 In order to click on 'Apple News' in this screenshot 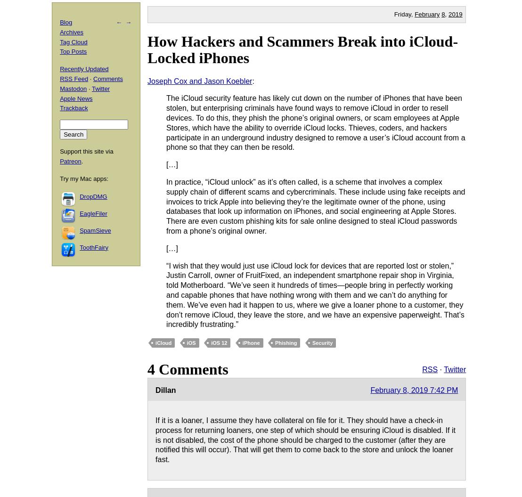, I will do `click(59, 98)`.